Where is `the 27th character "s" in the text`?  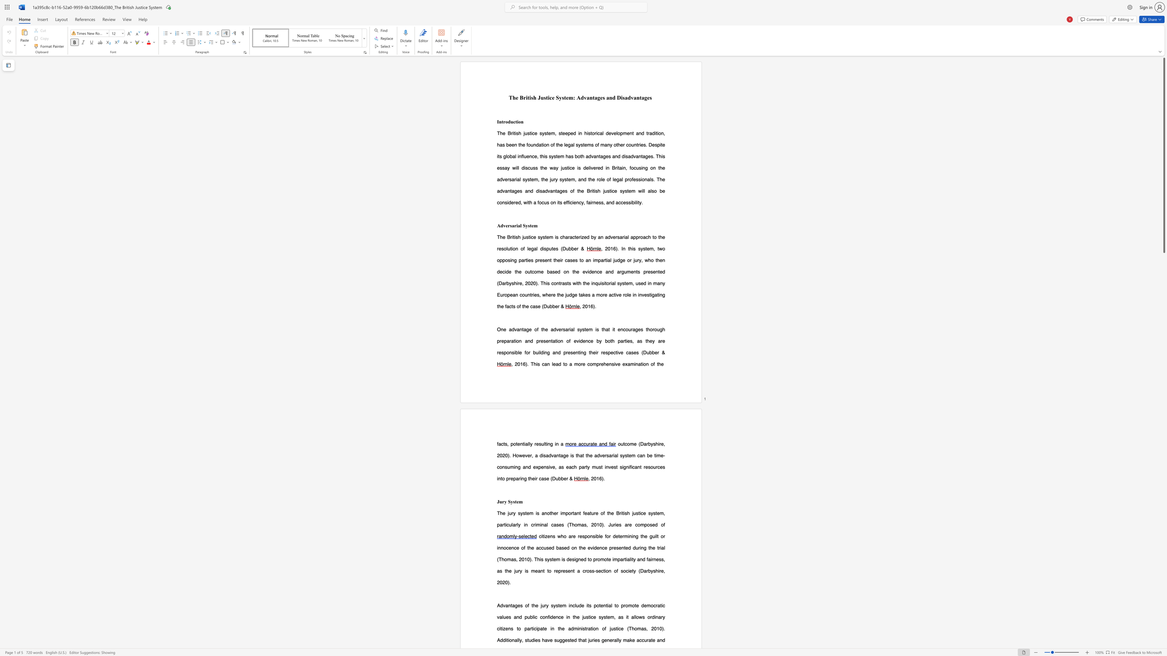 the 27th character "s" in the text is located at coordinates (565, 167).